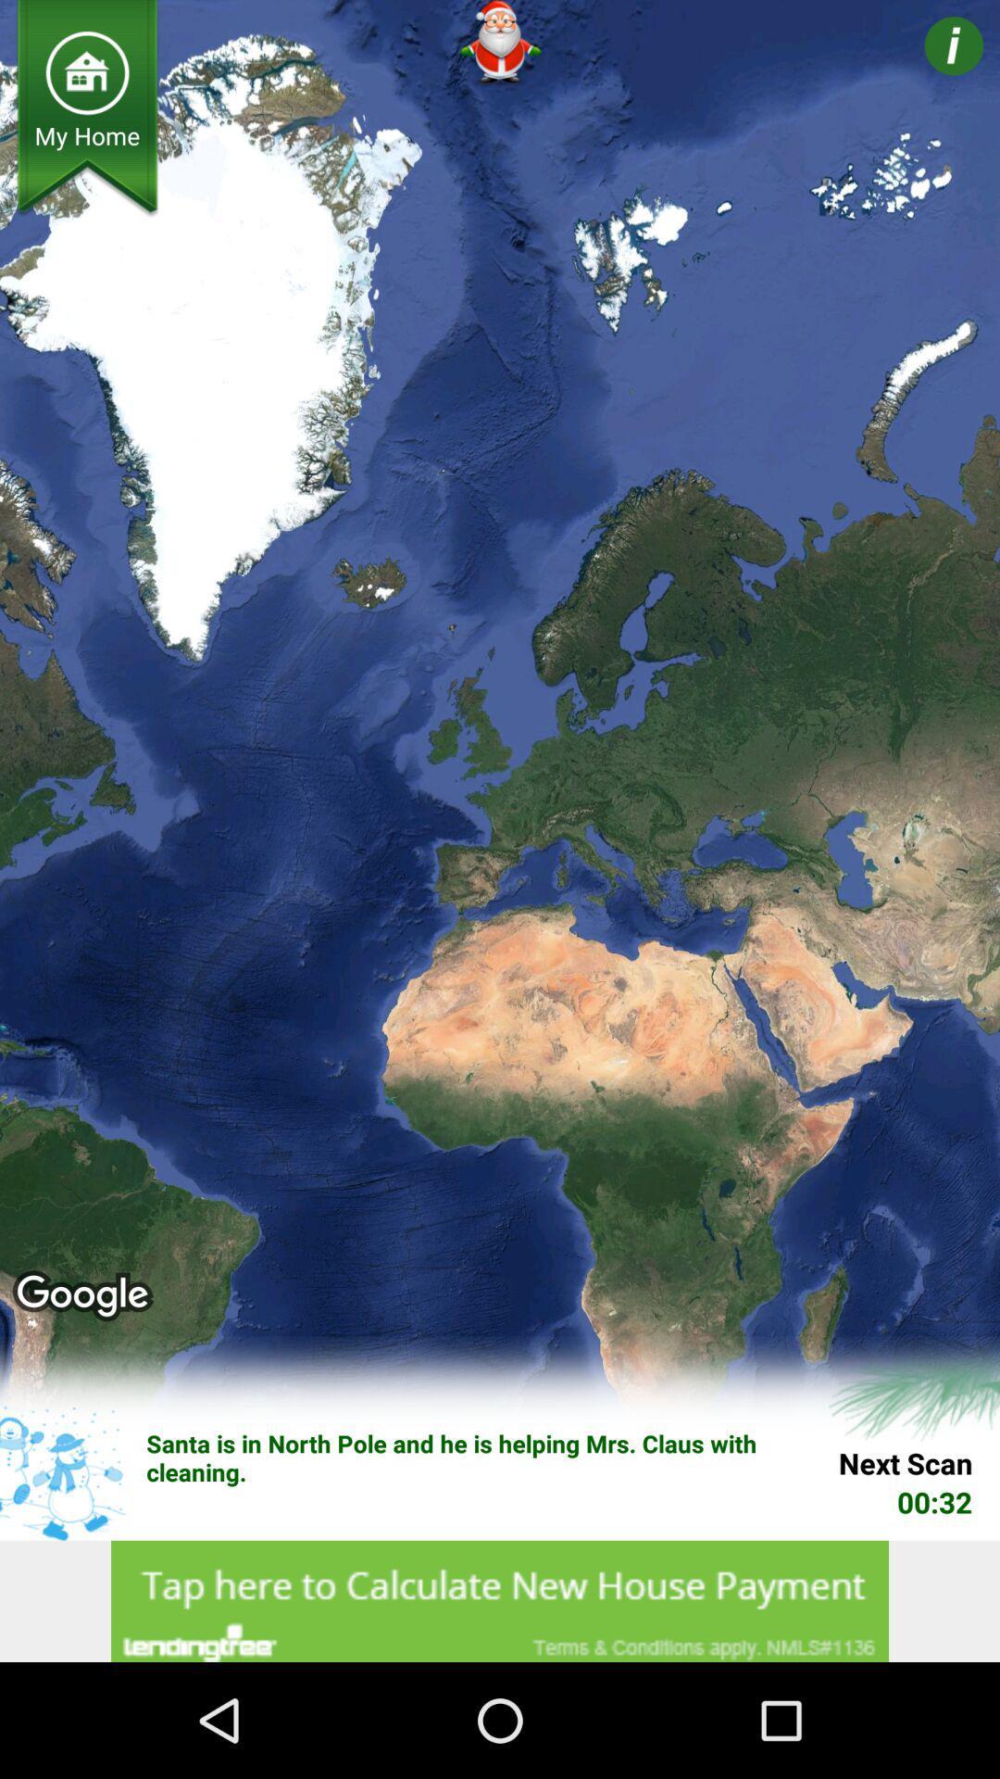  I want to click on for home option, so click(87, 72).